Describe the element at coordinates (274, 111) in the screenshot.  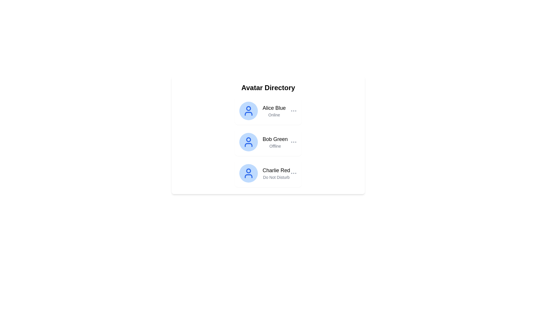
I see `the Text label displaying 'Alice Blue' and their status 'Online' in the user directory interface, located to the right of the circular avatar` at that location.